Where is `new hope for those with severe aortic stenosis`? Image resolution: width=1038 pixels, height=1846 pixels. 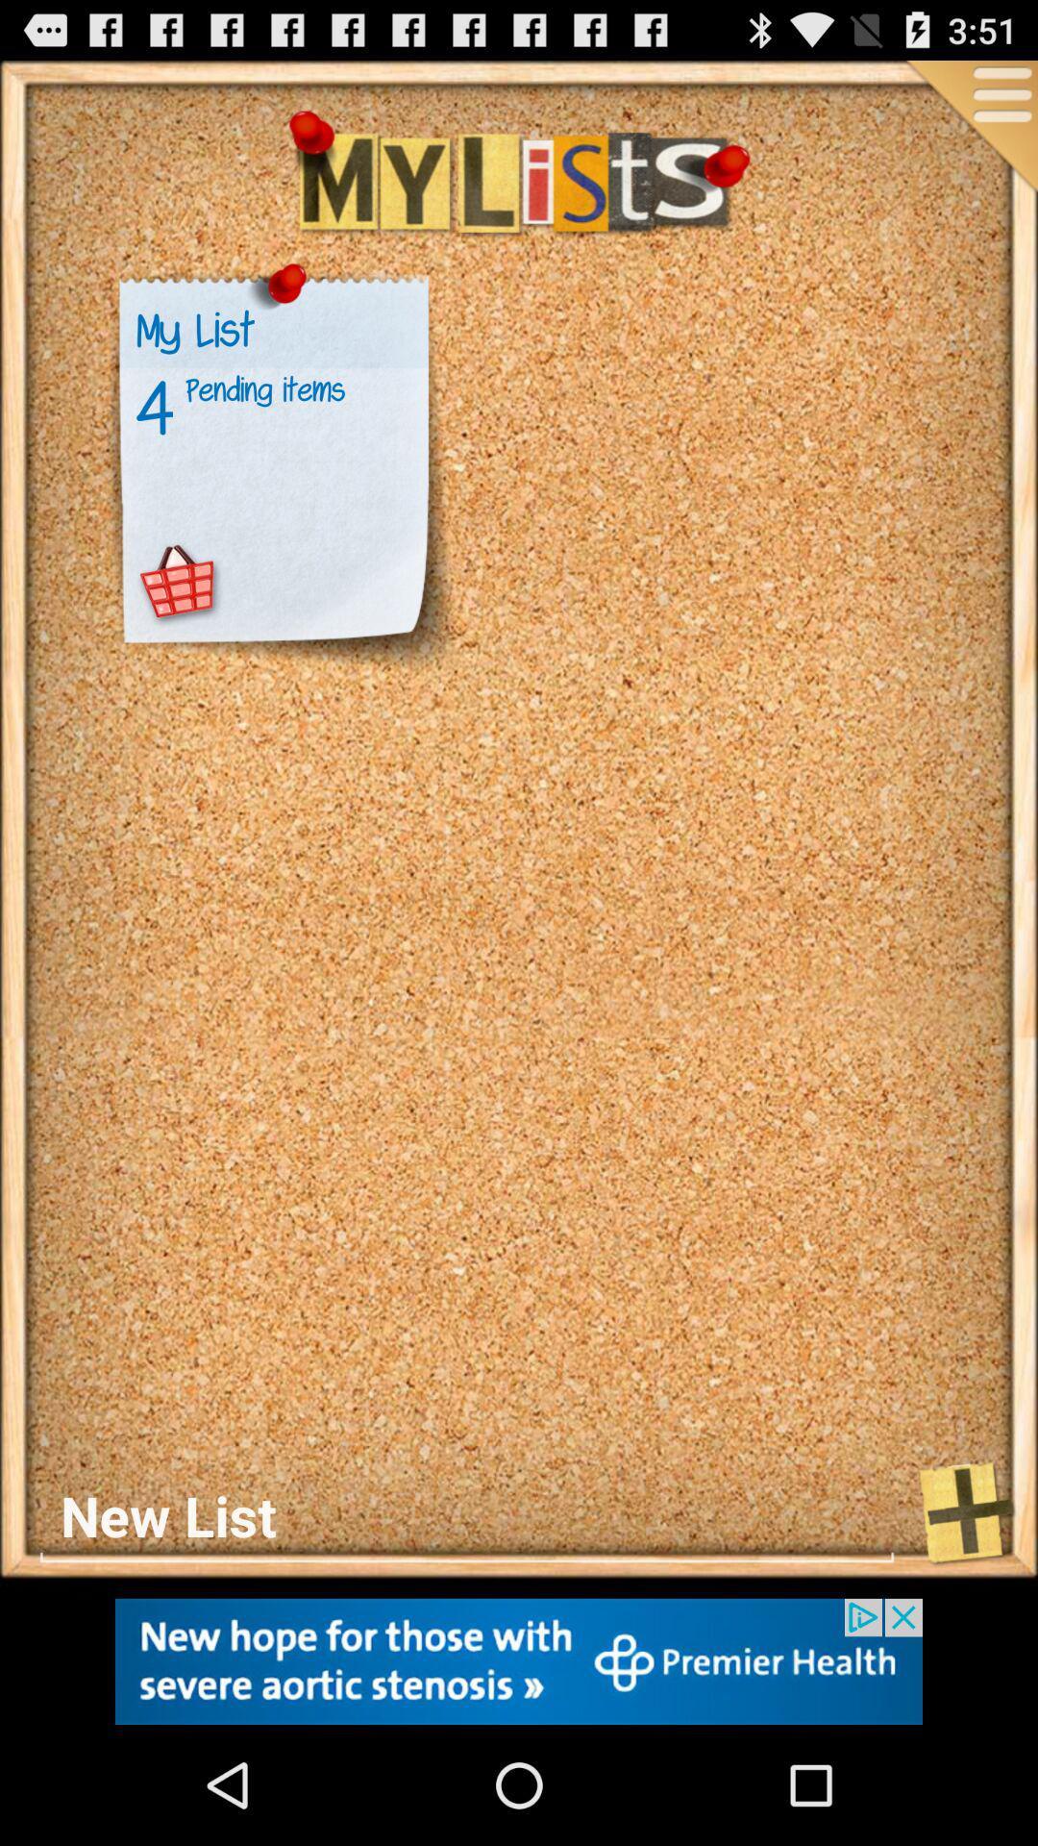 new hope for those with severe aortic stenosis is located at coordinates (519, 1660).